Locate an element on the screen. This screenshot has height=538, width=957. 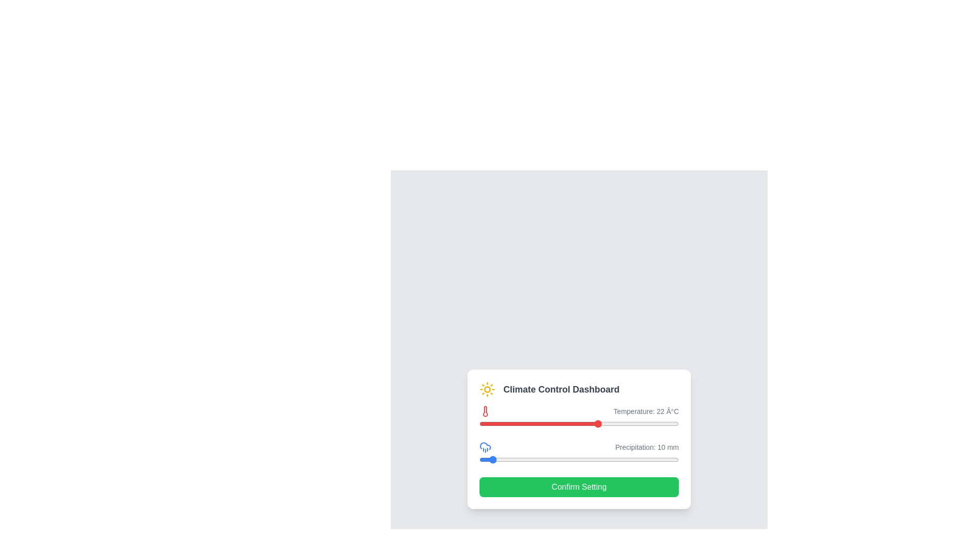
the precipitation slider to 4 mm is located at coordinates (483, 459).